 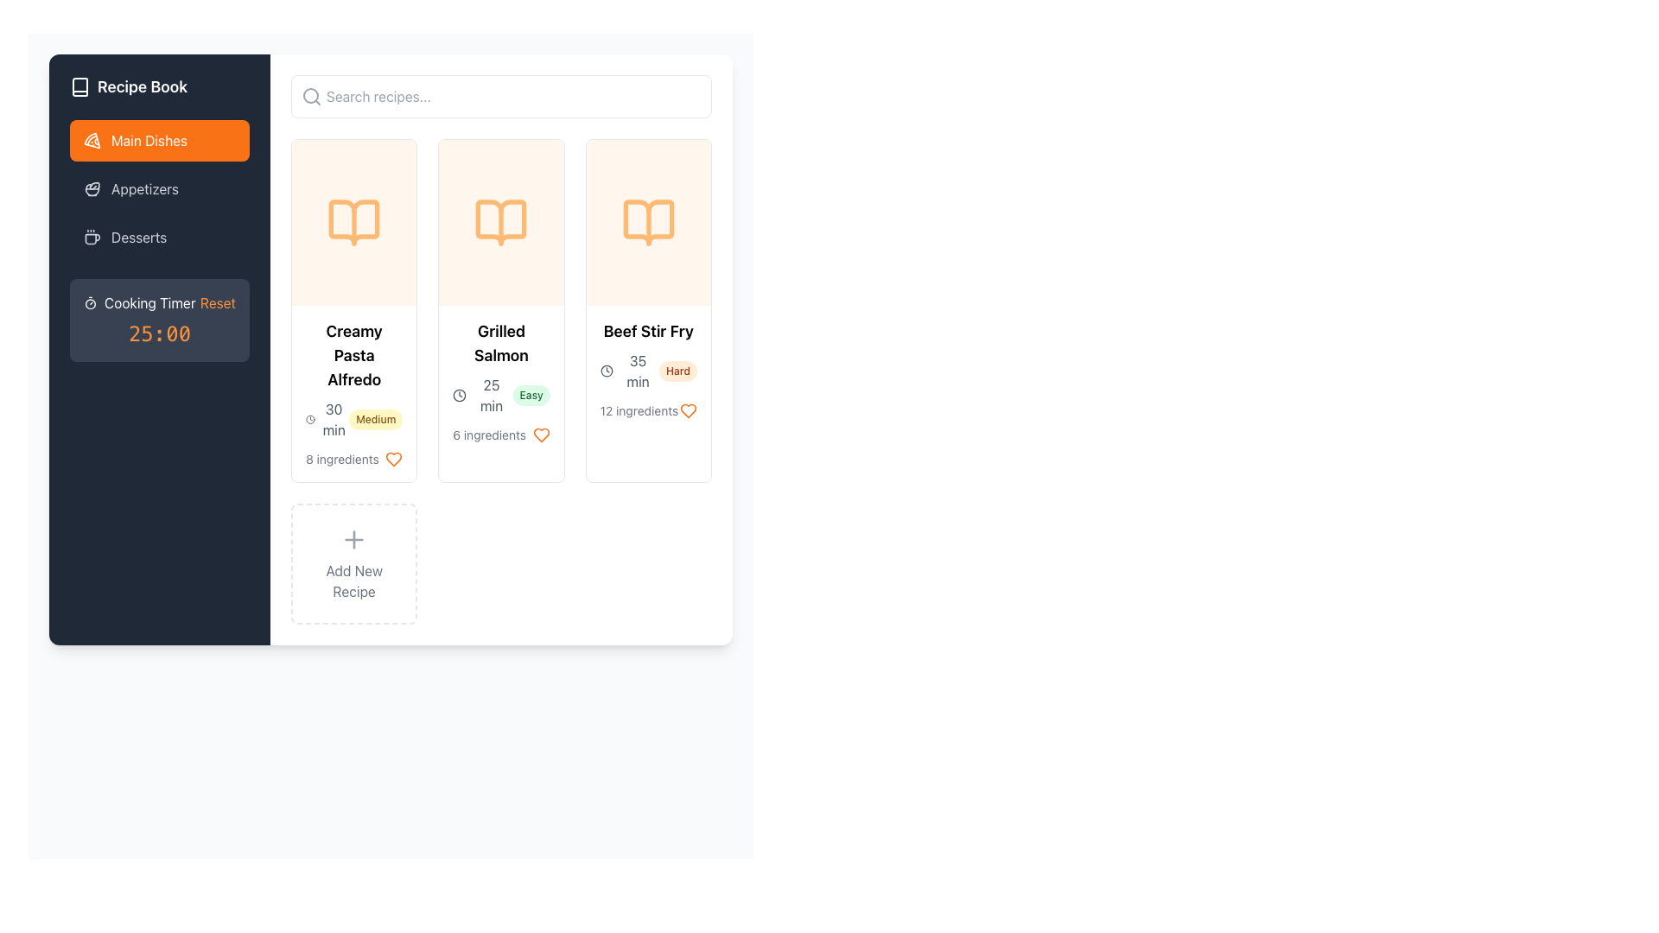 I want to click on the text label reading '12 ingredients' styled with a small sans-serif font and gray color, located at the bottom left of the 'Beef Stir Fry' recipe card, so click(x=638, y=410).